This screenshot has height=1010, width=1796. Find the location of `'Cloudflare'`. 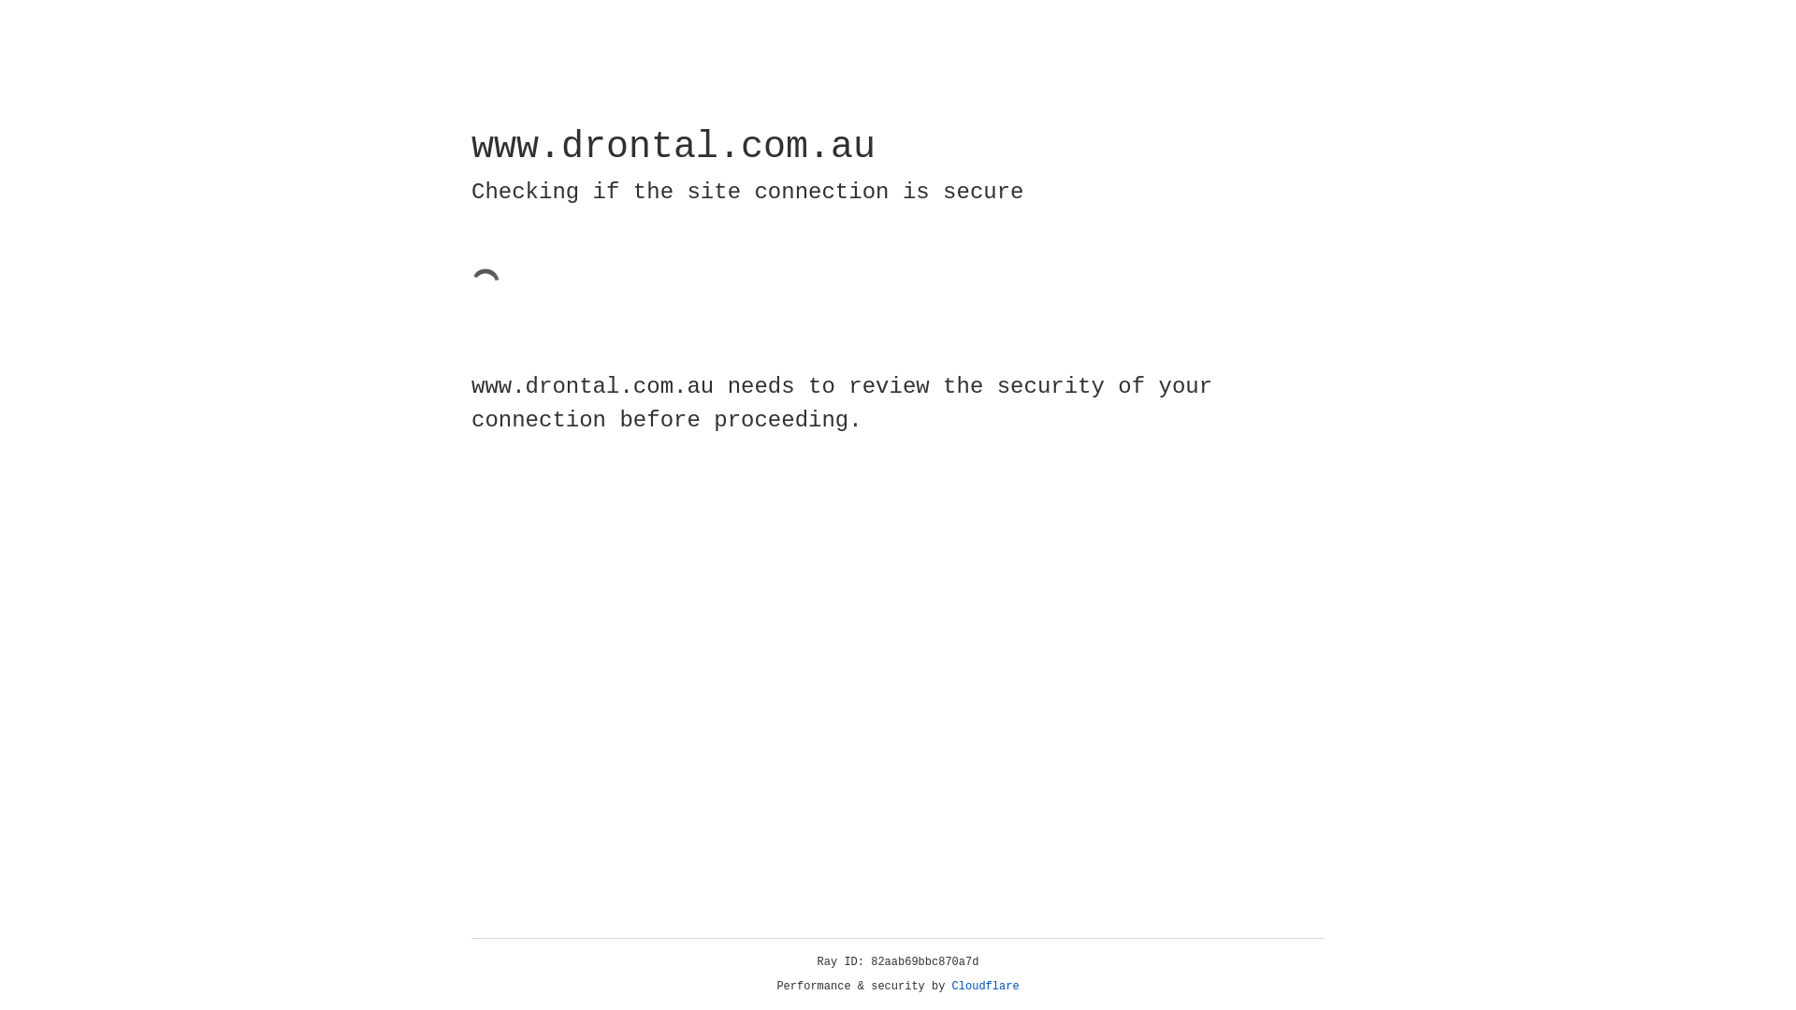

'Cloudflare' is located at coordinates (951, 986).